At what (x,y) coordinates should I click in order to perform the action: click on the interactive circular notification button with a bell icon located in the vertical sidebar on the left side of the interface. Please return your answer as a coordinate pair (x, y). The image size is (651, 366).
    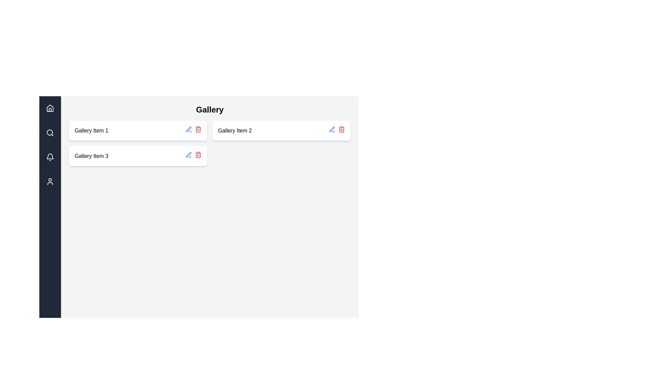
    Looking at the image, I should click on (50, 157).